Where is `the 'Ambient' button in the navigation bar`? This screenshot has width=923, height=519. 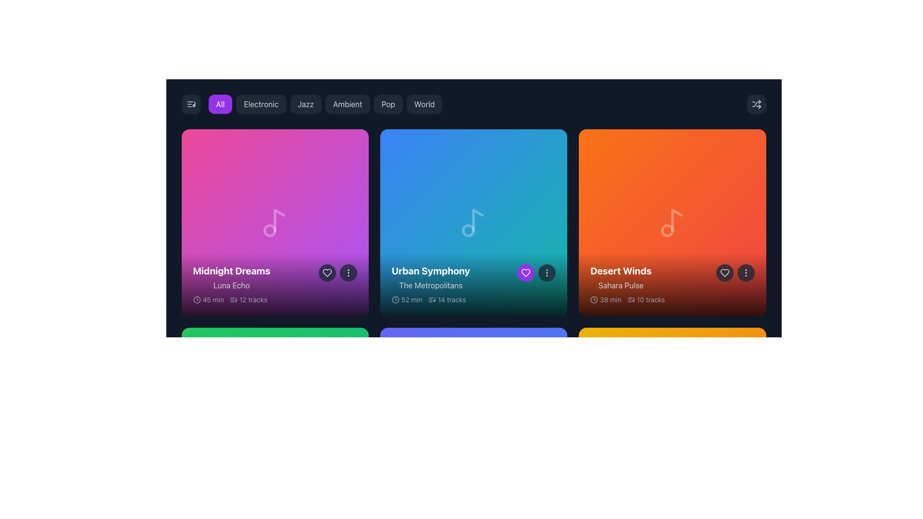 the 'Ambient' button in the navigation bar is located at coordinates (325, 104).